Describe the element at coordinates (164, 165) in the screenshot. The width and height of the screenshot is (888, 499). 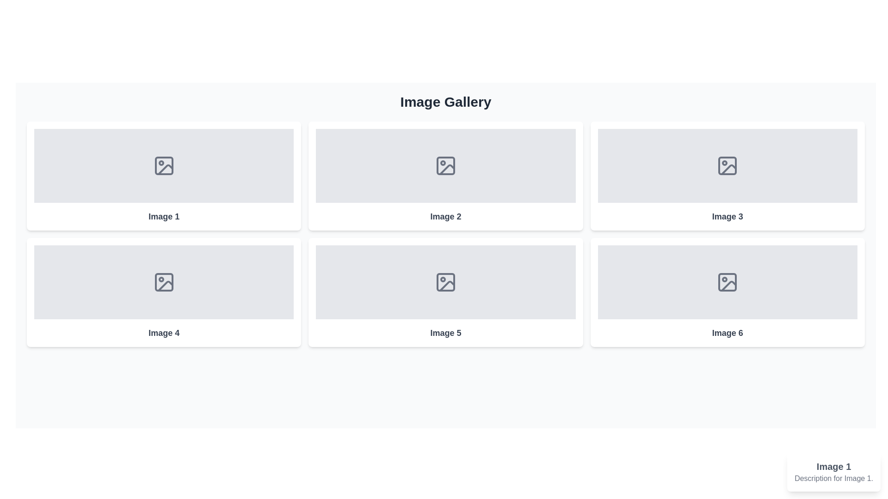
I see `the decorative graphical component of the icon located in the top-left cell labeled 'Image 1' in the gallery layout` at that location.